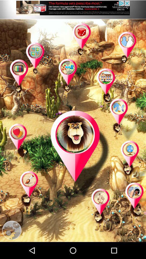  Describe the element at coordinates (40, 64) in the screenshot. I see `image button` at that location.